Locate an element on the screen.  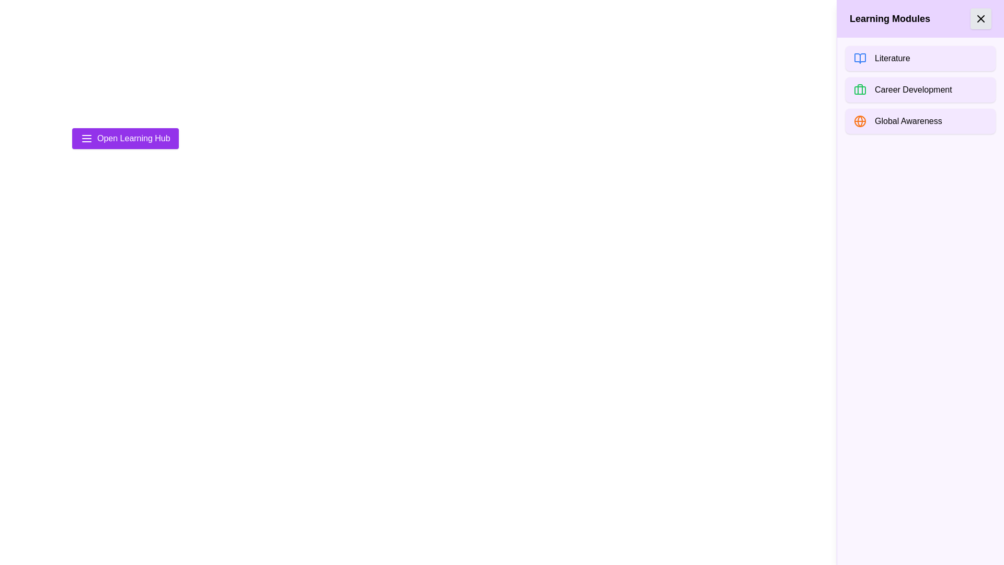
the 'Global Awareness' module to select it is located at coordinates (920, 120).